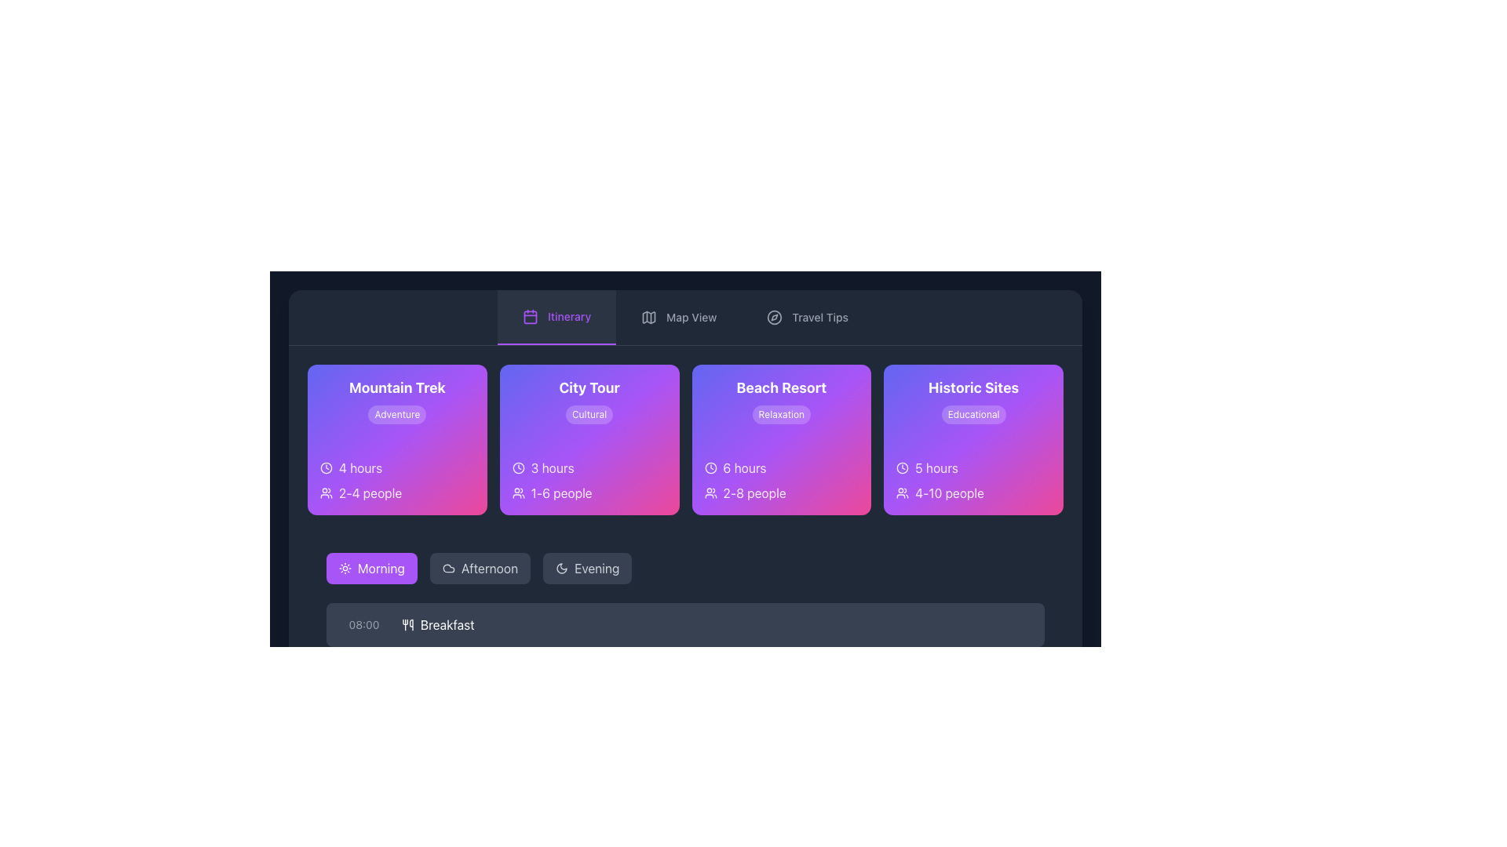 This screenshot has height=847, width=1507. Describe the element at coordinates (326, 467) in the screenshot. I see `the decorative icon indicating time duration, which is located to the left of the text '4 hours' within the group under the title 'Mountain Trek'` at that location.